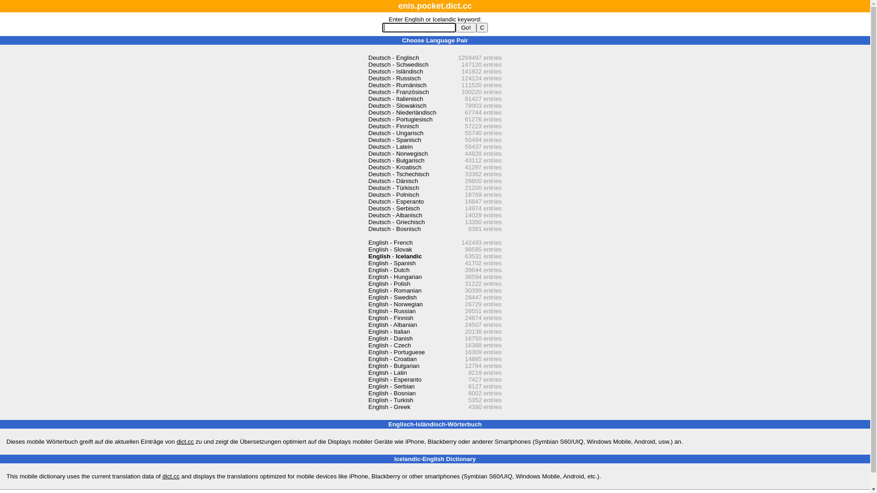 This screenshot has width=877, height=493. I want to click on 'English - Esperanto', so click(368, 379).